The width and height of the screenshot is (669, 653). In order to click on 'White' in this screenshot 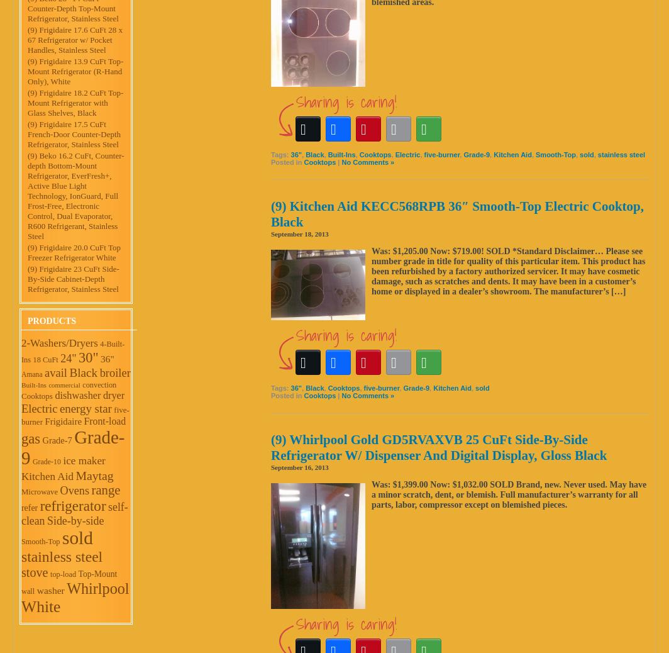, I will do `click(41, 606)`.